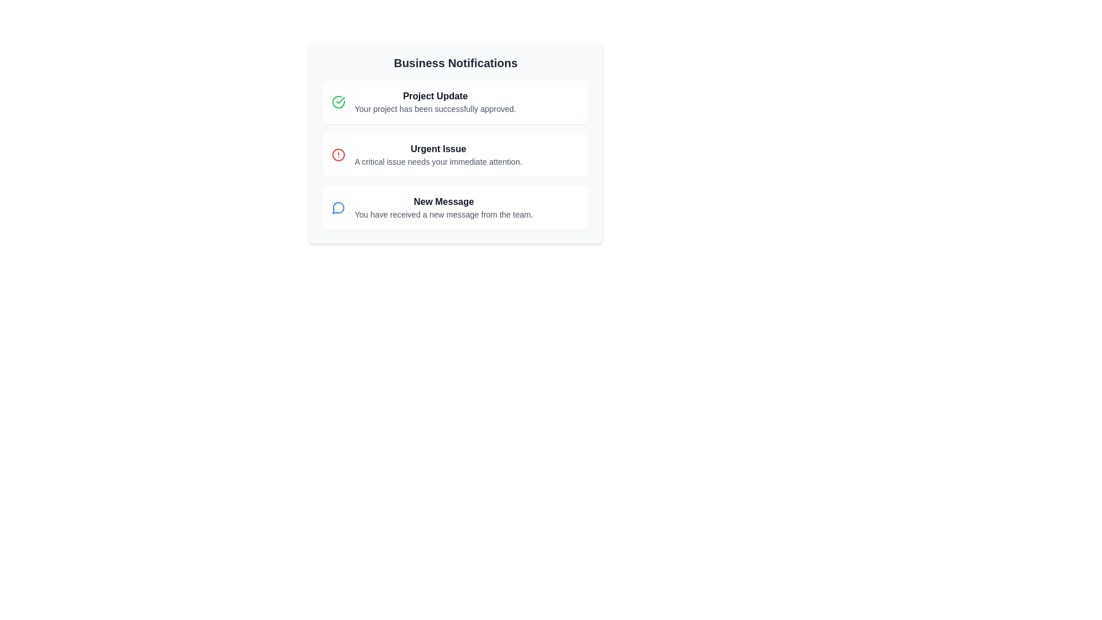 This screenshot has width=1102, height=620. Describe the element at coordinates (437, 161) in the screenshot. I see `the text content providing additional details about the urgency of the notification, located in the second notification card under the 'Business Notifications' section, beneath the 'Urgent Issue' title` at that location.